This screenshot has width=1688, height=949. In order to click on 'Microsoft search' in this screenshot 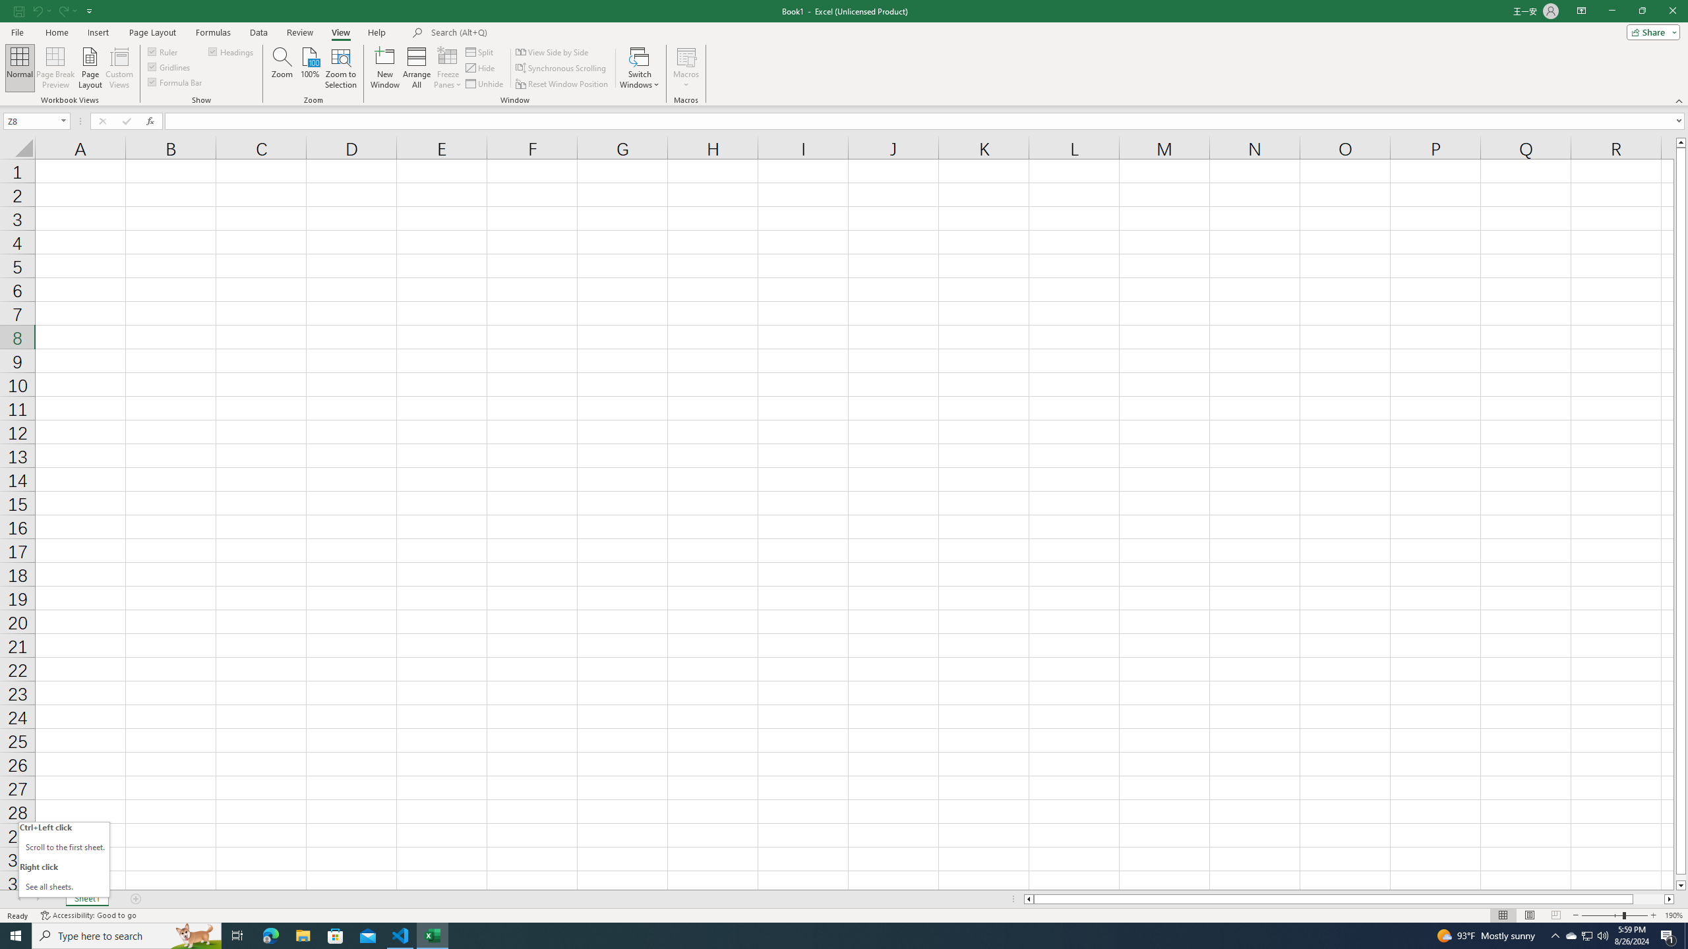, I will do `click(522, 32)`.